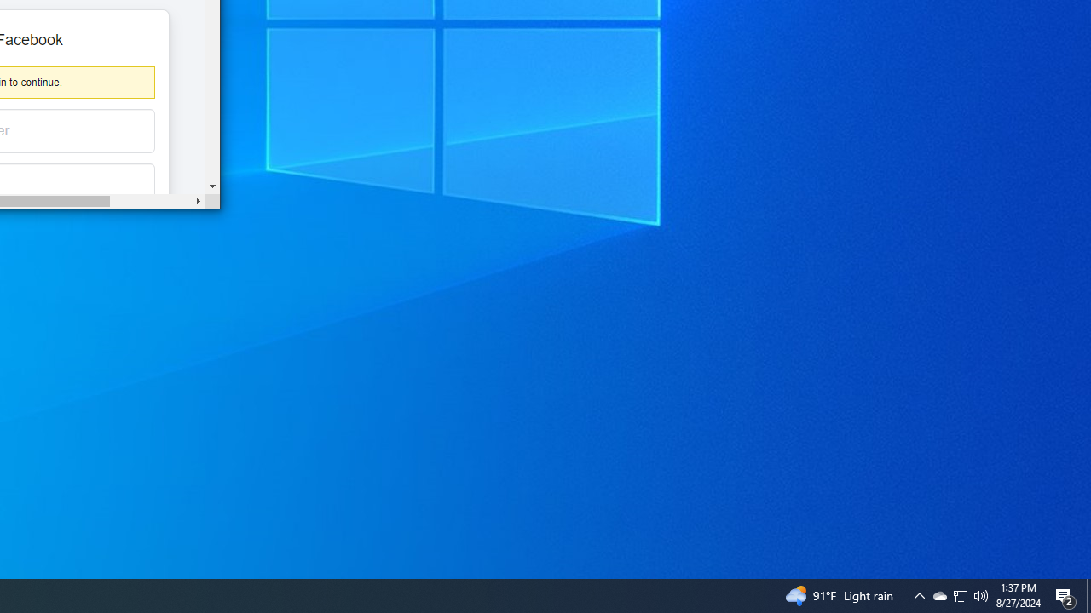 The image size is (1091, 613). I want to click on 'Show desktop', so click(1088, 594).